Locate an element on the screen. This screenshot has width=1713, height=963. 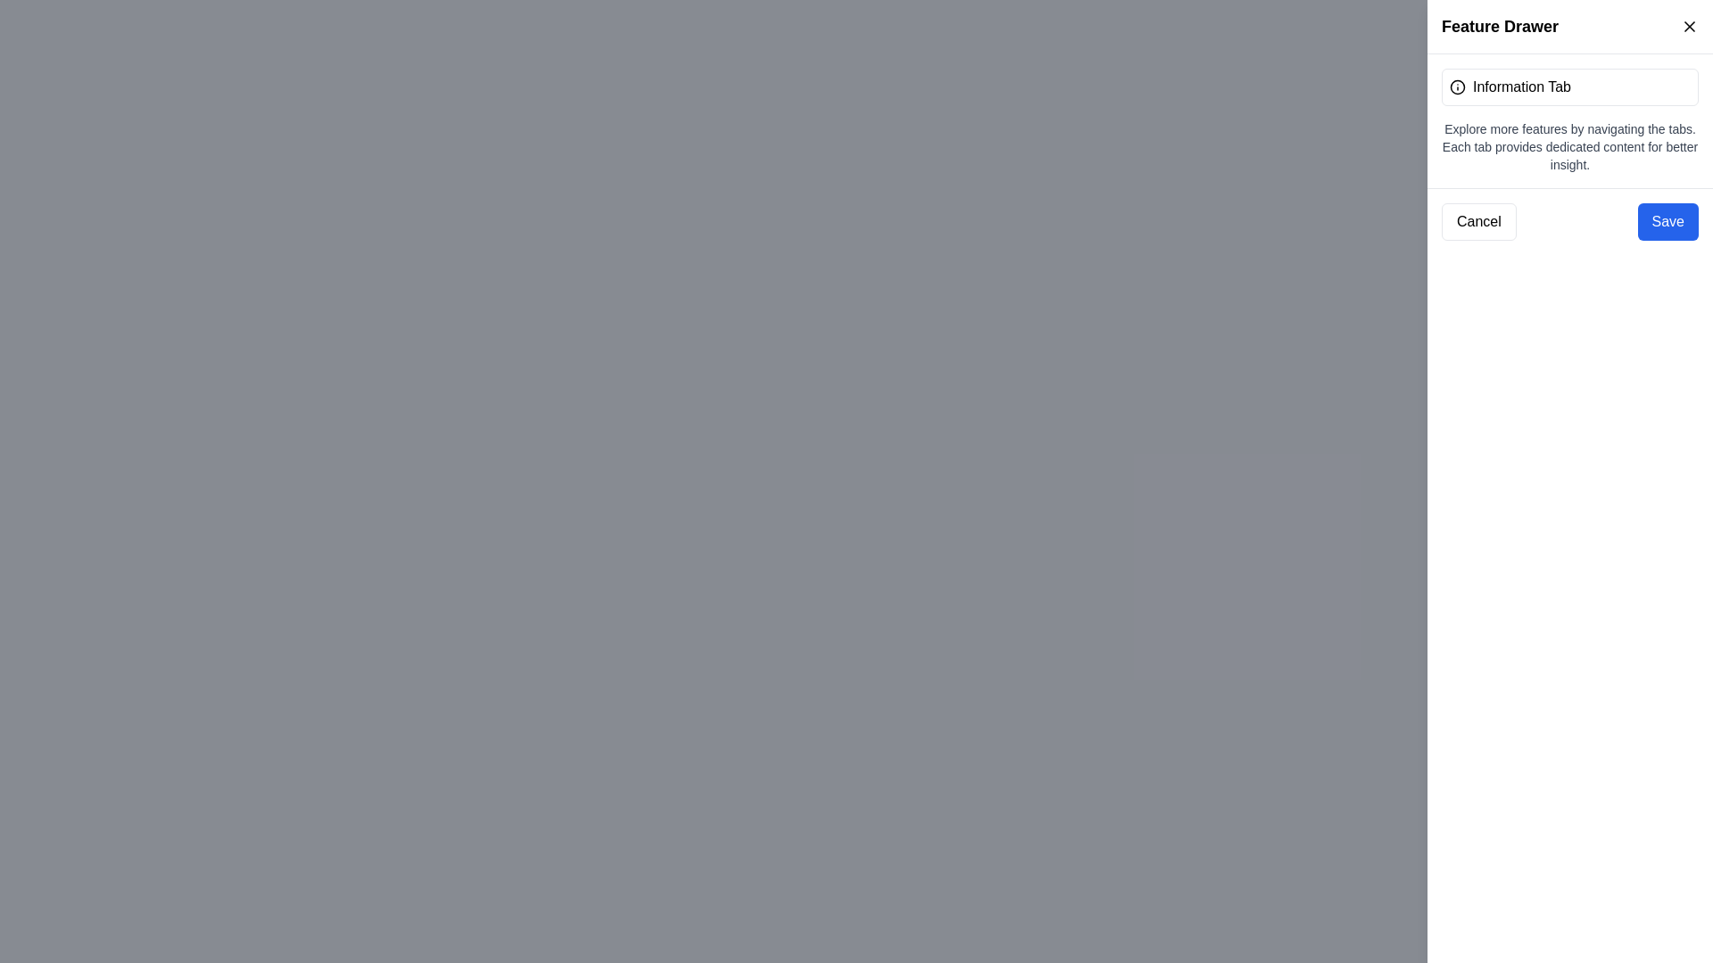
the save button located at the bottom-right corner of the 'Feature Drawer' panel is located at coordinates (1667, 221).